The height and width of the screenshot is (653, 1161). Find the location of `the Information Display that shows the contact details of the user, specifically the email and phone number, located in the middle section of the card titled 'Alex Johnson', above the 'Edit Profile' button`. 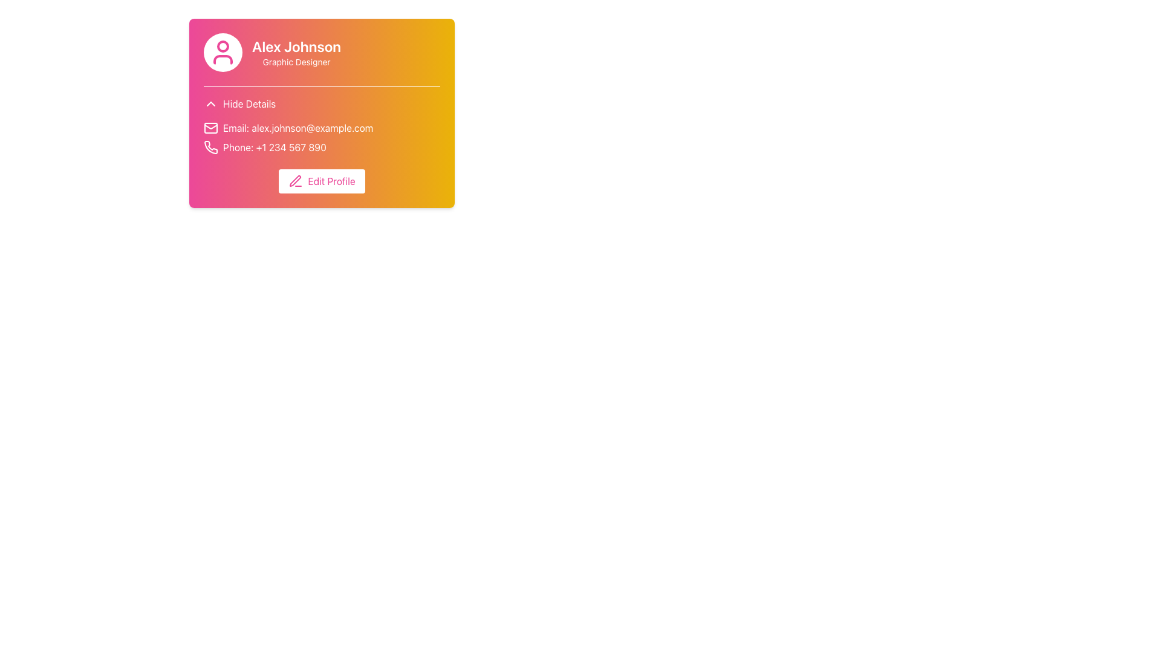

the Information Display that shows the contact details of the user, specifically the email and phone number, located in the middle section of the card titled 'Alex Johnson', above the 'Edit Profile' button is located at coordinates (322, 120).